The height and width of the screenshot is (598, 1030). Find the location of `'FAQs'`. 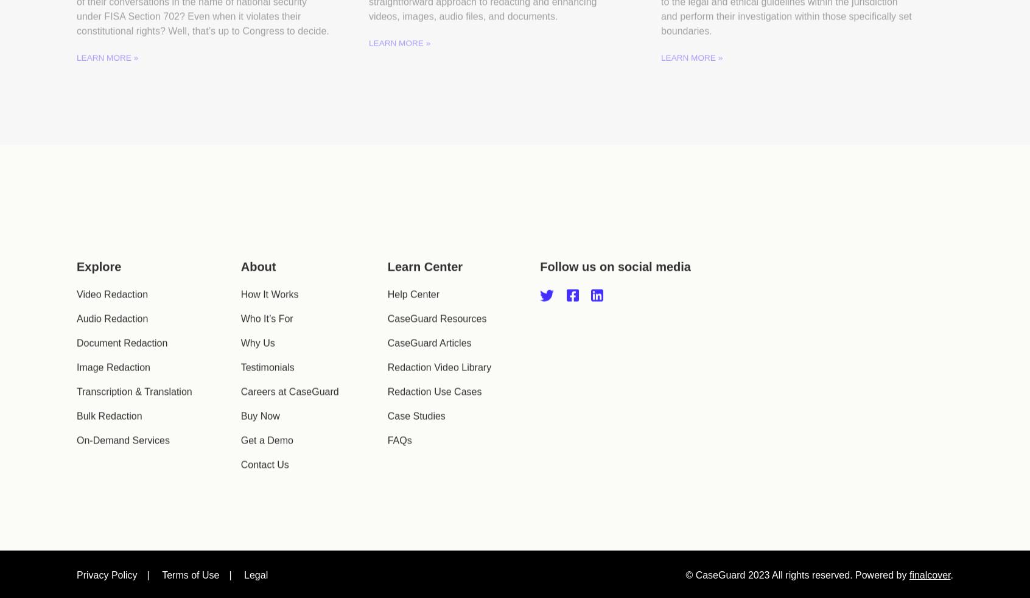

'FAQs' is located at coordinates (399, 456).